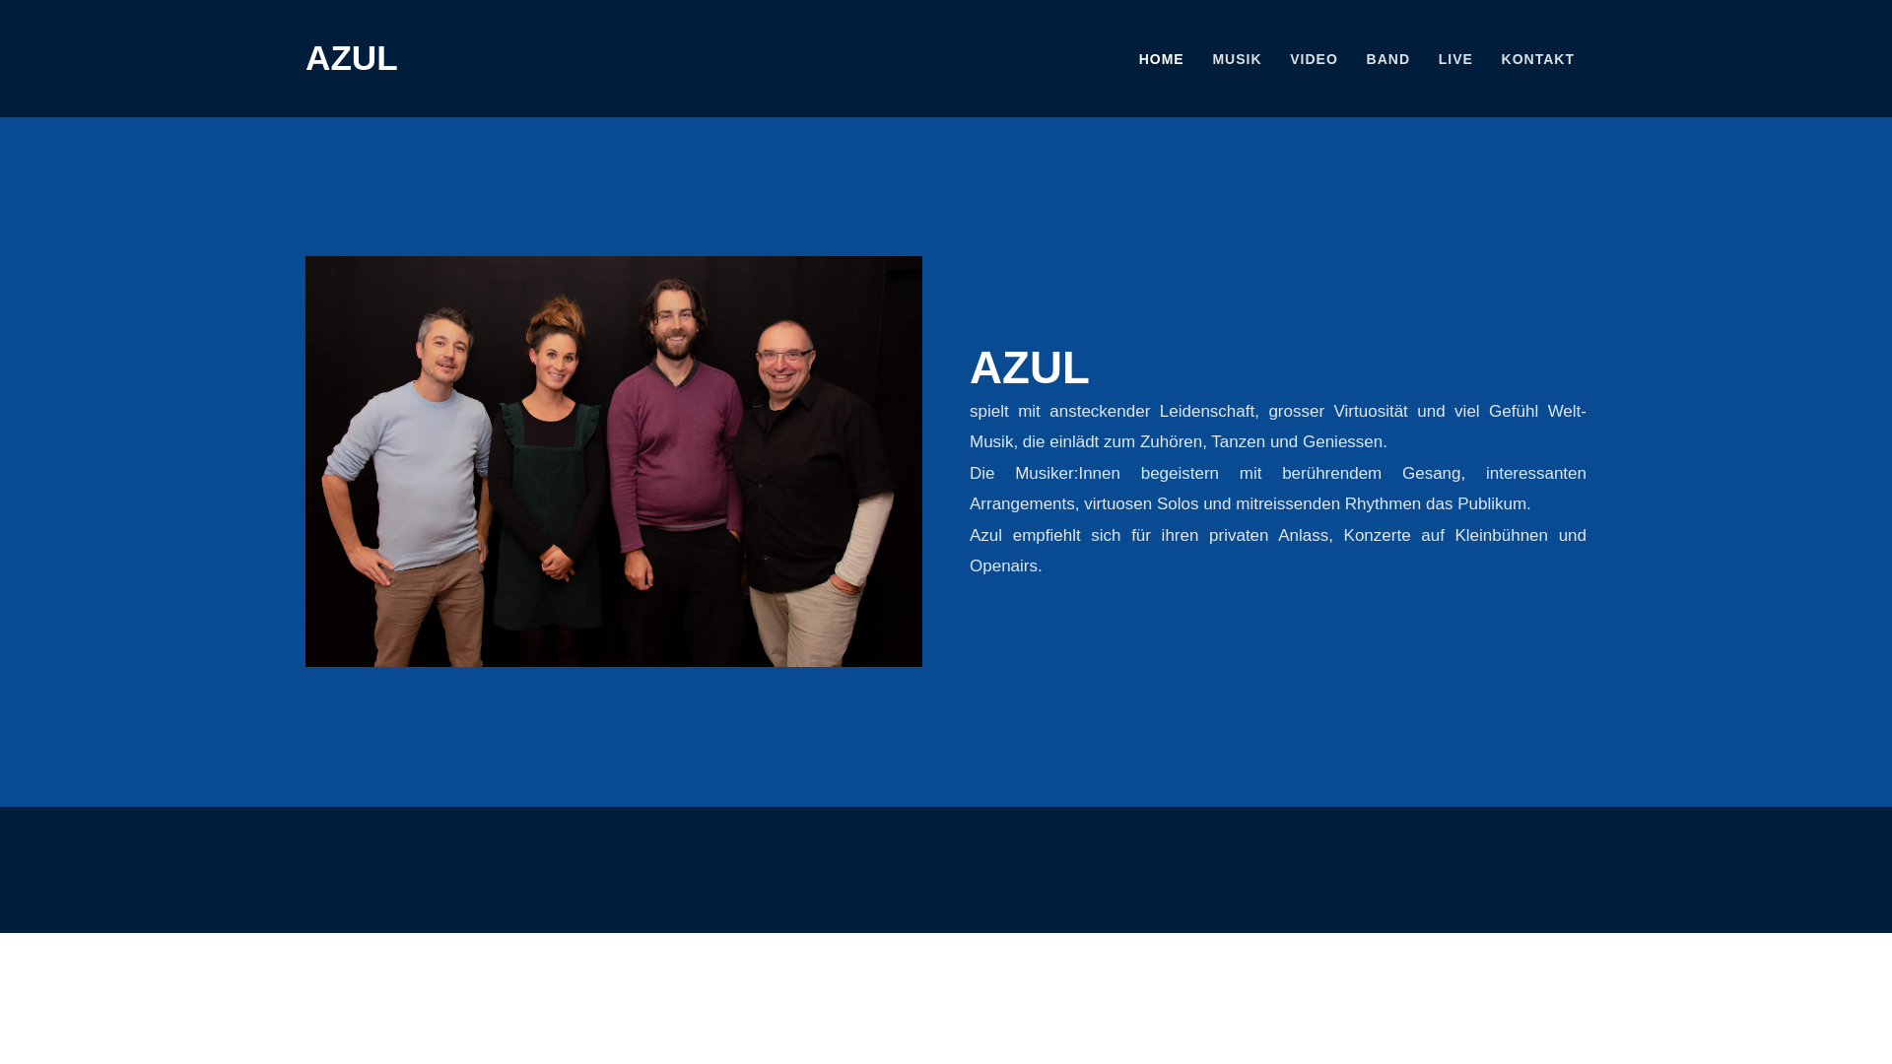 Image resolution: width=1892 pixels, height=1064 pixels. I want to click on 'HOME', so click(1126, 58).